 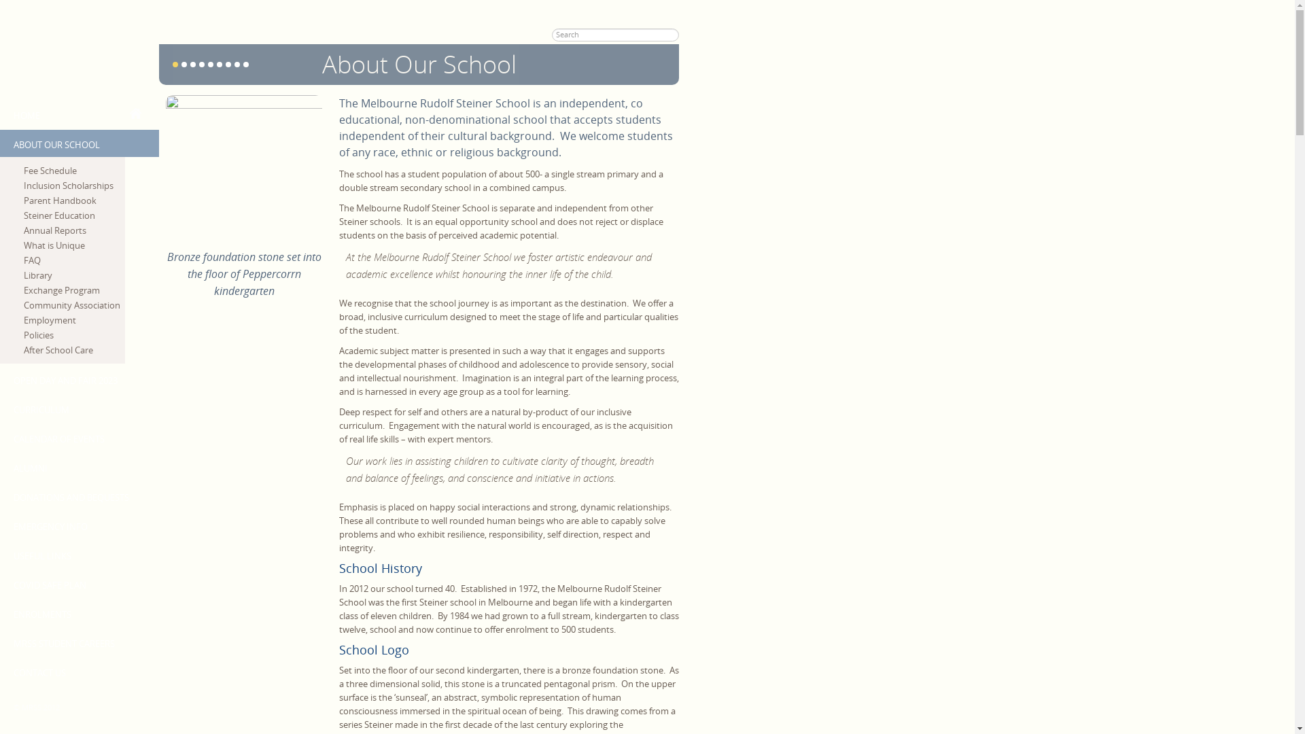 What do you see at coordinates (73, 214) in the screenshot?
I see `'Steiner Education'` at bounding box center [73, 214].